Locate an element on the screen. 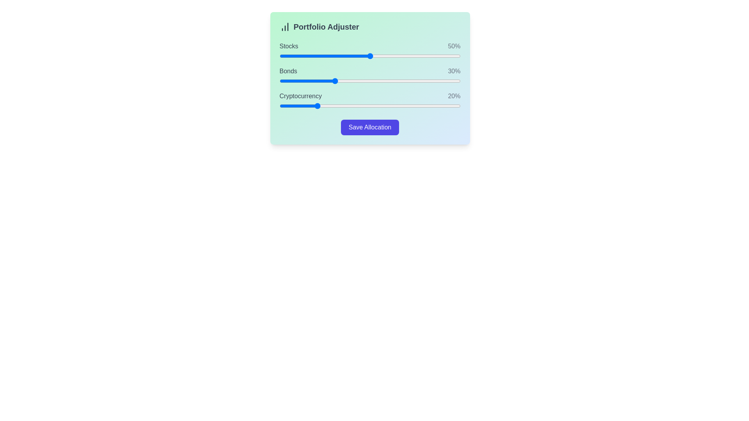 The width and height of the screenshot is (749, 421). the 'Save Allocation' button to save the changes made to the portfolio is located at coordinates (369, 127).